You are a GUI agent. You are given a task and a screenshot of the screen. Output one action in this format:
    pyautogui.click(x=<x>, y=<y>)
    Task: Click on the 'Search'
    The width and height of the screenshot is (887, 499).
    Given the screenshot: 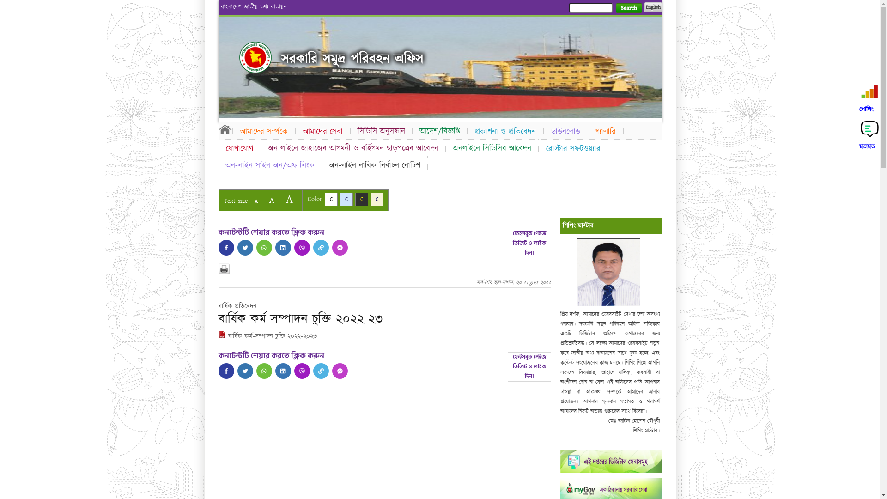 What is the action you would take?
    pyautogui.click(x=615, y=8)
    